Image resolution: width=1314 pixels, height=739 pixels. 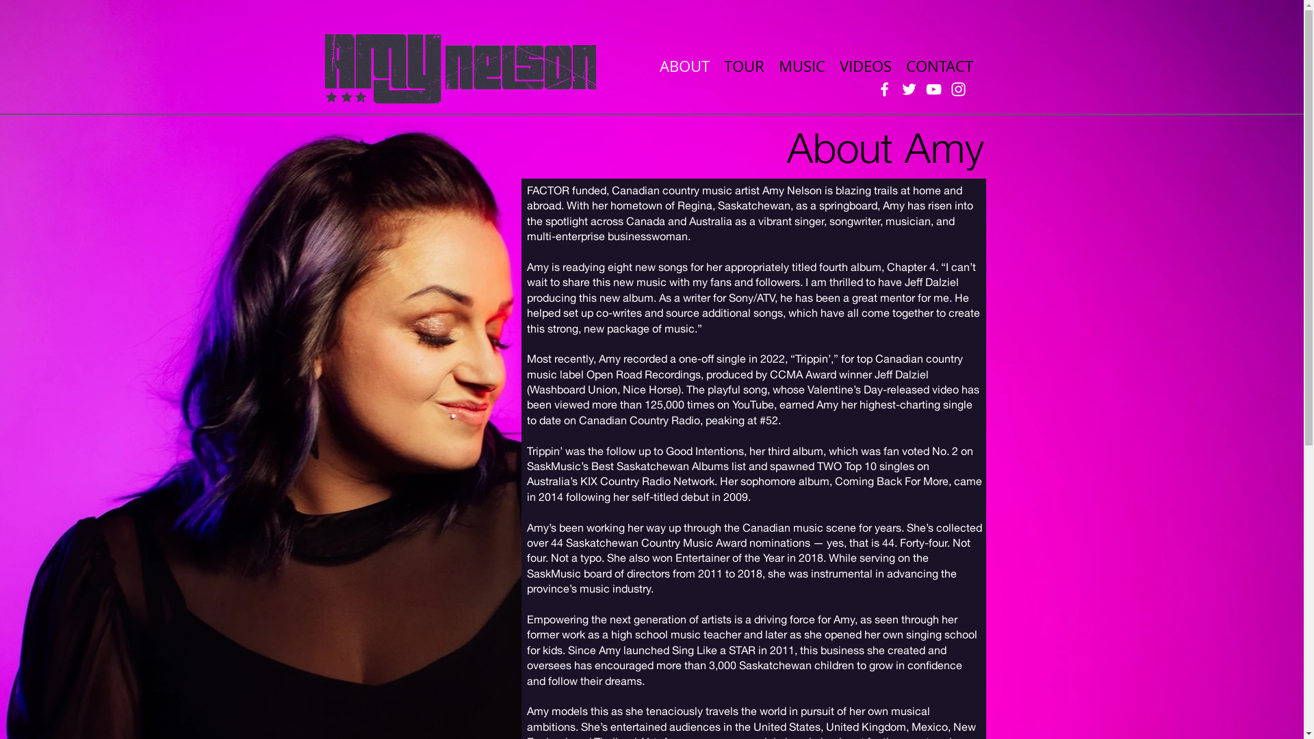 What do you see at coordinates (899, 65) in the screenshot?
I see `'CONTACT'` at bounding box center [899, 65].